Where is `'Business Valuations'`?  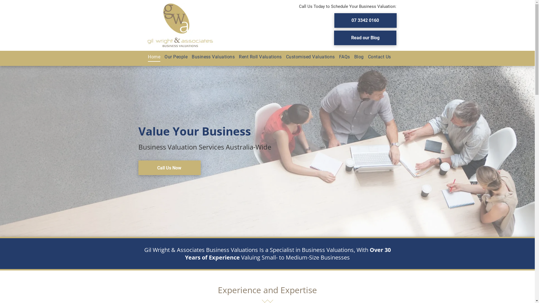
'Business Valuations' is located at coordinates (211, 57).